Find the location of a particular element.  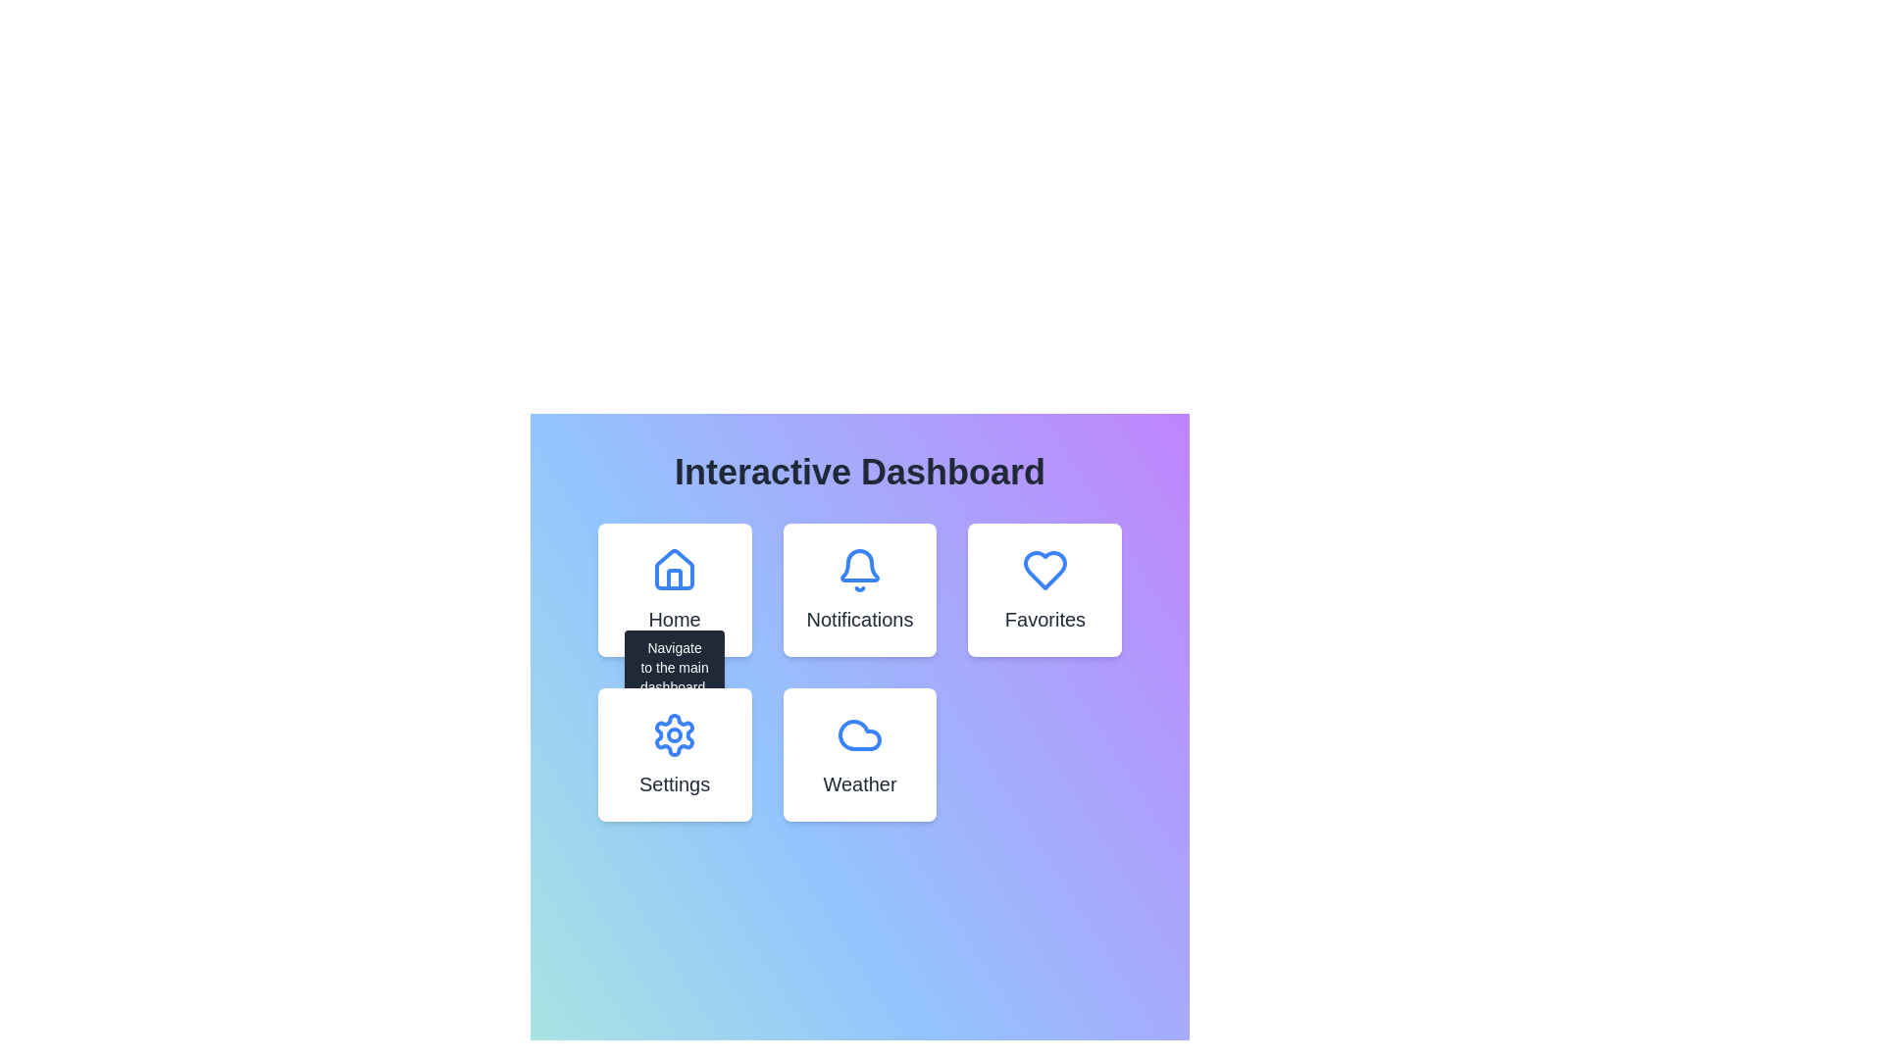

the 'Notifications' label, which is styled in a medium-sized gray font and located below the bell icon in the card section at the top-center of the layout is located at coordinates (860, 620).